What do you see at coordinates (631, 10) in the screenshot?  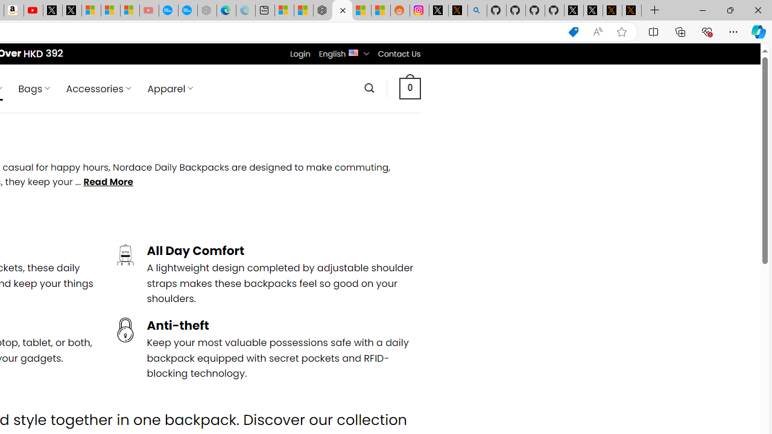 I see `'X Privacy Policy'` at bounding box center [631, 10].